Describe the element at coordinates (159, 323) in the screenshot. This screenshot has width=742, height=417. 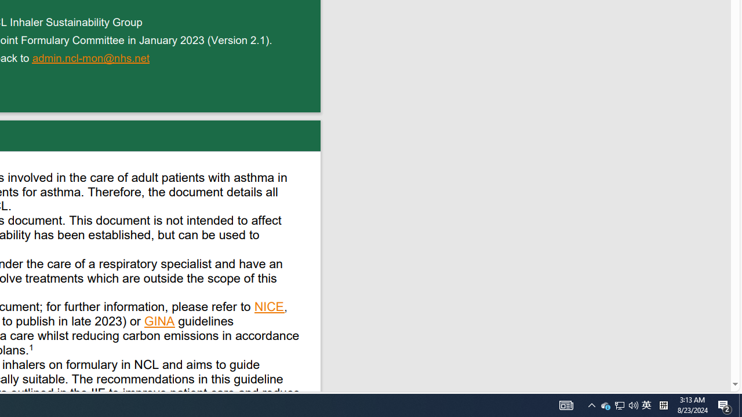
I see `'GINA '` at that location.